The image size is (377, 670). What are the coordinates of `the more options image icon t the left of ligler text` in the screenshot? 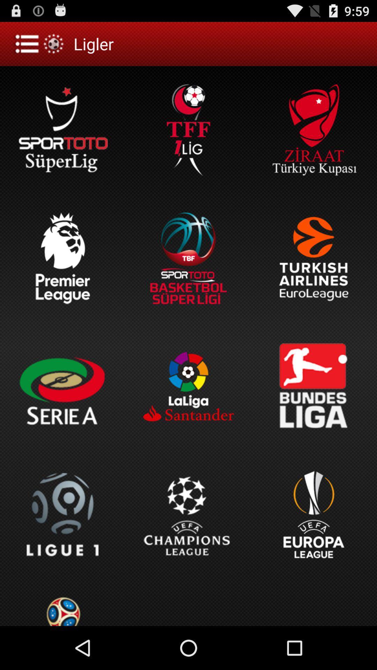 It's located at (40, 43).